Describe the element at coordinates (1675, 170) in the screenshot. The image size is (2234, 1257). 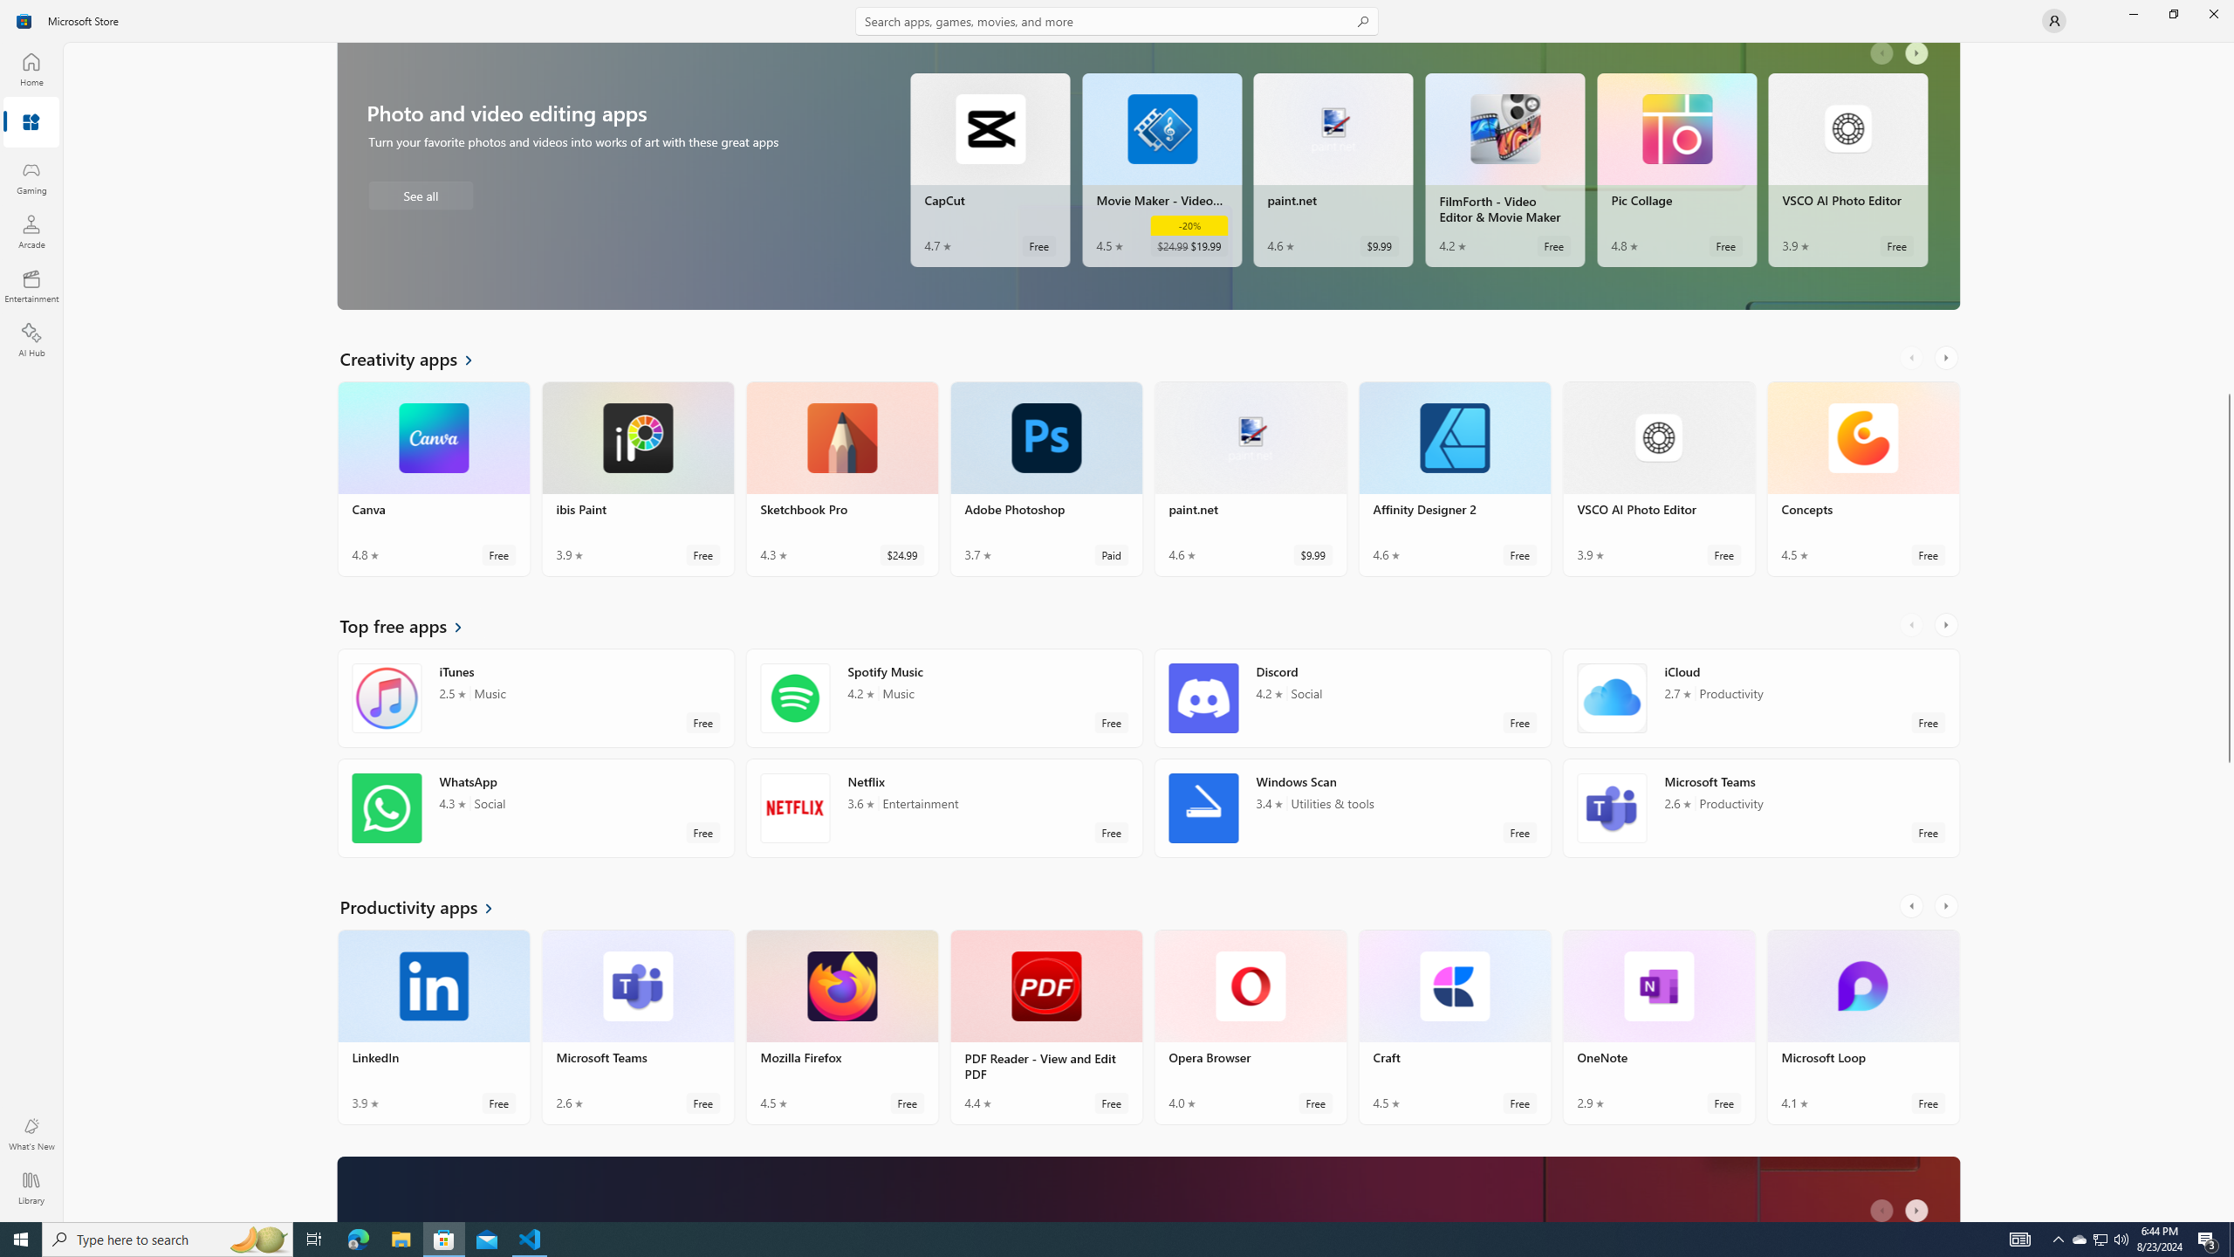
I see `'Pic Collage. Average rating of 4.8 out of five stars. Free  '` at that location.